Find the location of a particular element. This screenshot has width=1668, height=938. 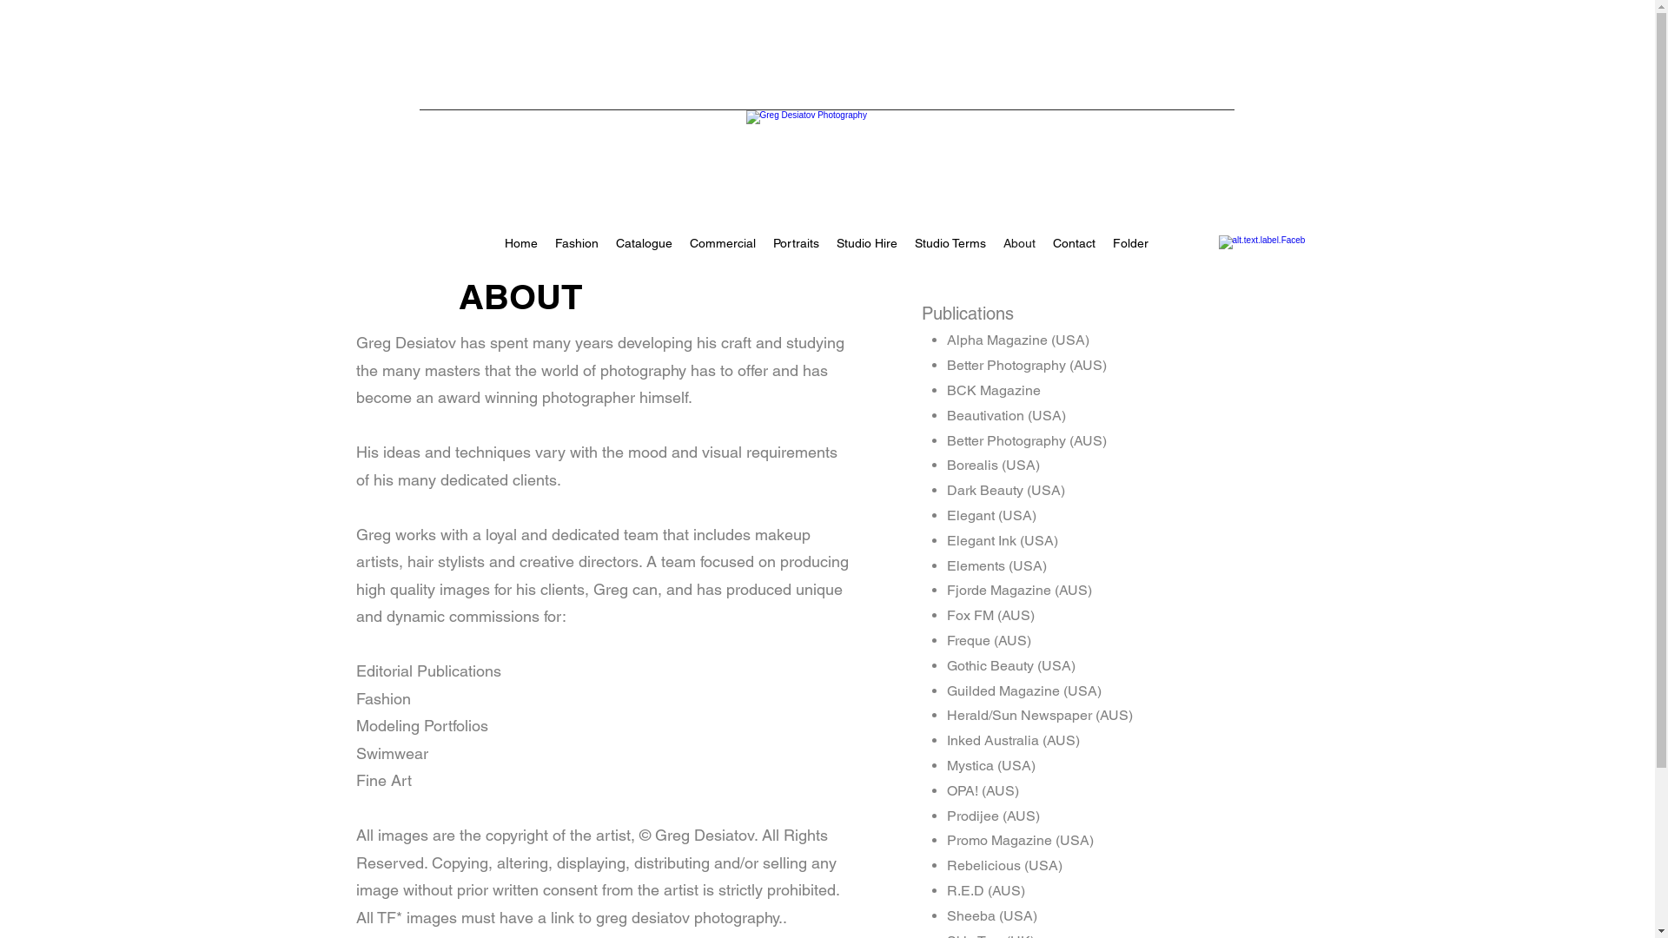

'About' is located at coordinates (1019, 243).